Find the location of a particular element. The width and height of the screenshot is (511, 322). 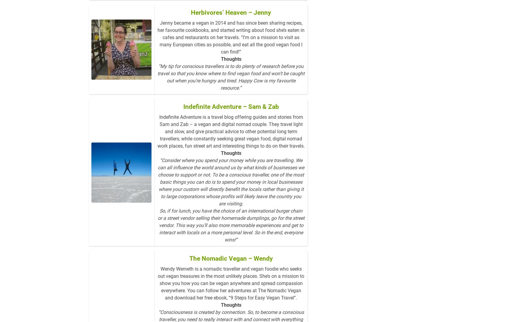

'Indefinite Adventure is a travel blog offering guides and stories from Sam and Zab – a vegan and digital nomad couple. They travel light and slow, and give practical advice to other potential long term travellers, while constantly seeking great vegan food, digital nomad work places, fun street art and interesting things to do on their travels.' is located at coordinates (231, 141).